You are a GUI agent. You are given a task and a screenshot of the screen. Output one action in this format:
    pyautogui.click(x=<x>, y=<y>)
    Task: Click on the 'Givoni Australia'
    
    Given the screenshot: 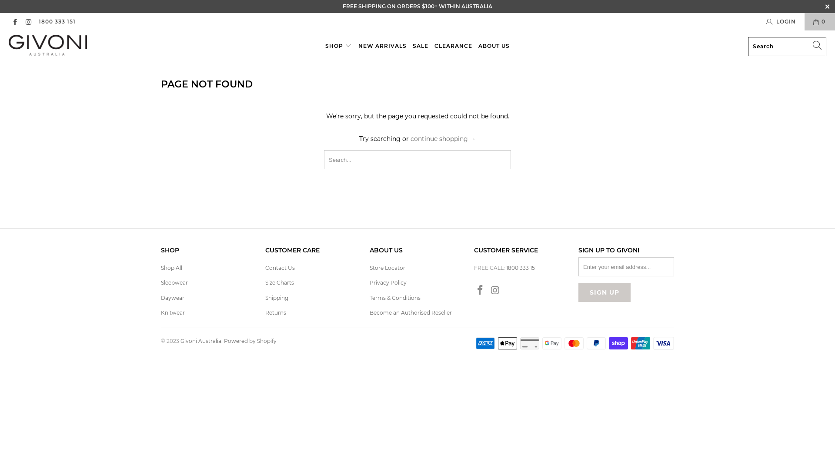 What is the action you would take?
    pyautogui.click(x=200, y=340)
    